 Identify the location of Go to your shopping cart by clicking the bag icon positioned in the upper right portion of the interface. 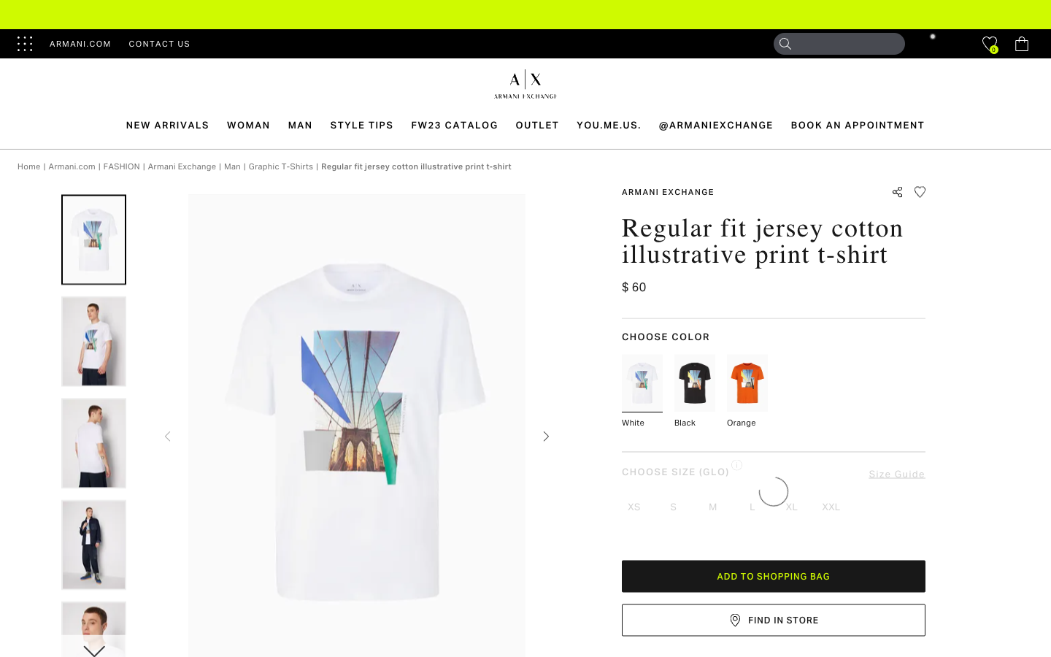
(1021, 43).